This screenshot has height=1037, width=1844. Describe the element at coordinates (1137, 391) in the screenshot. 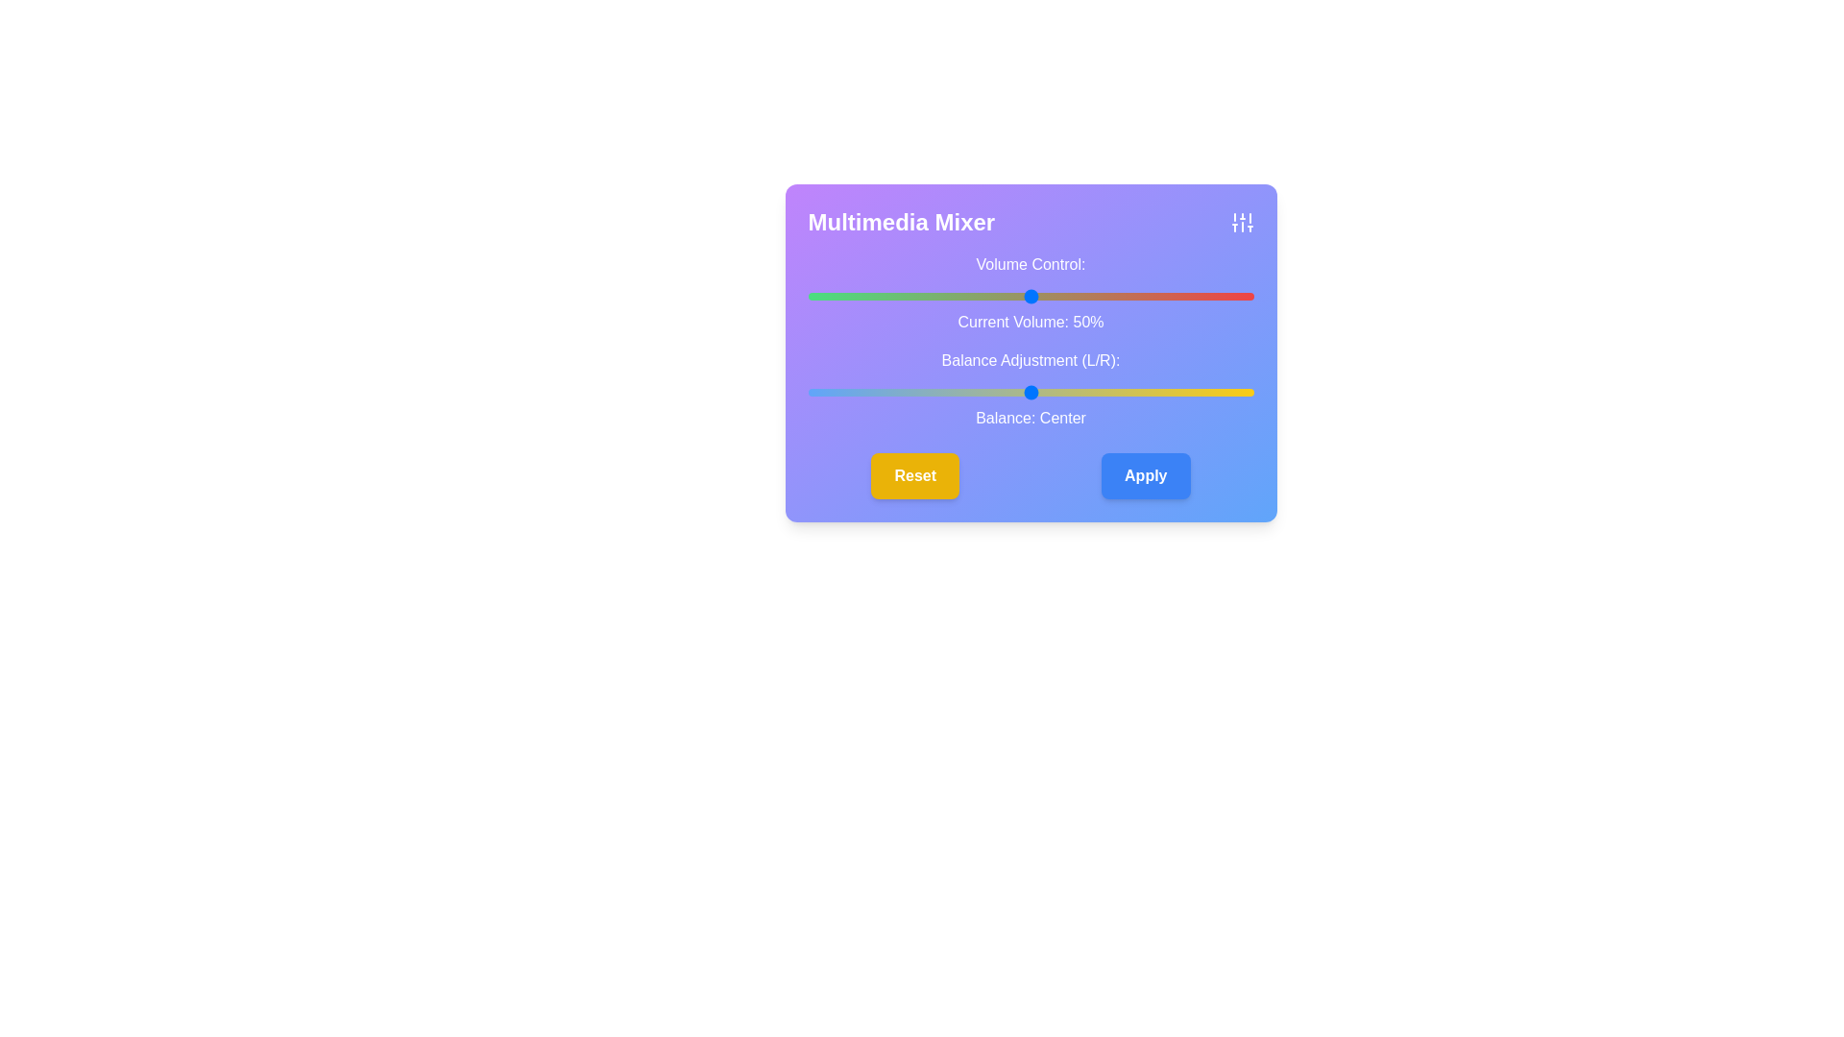

I see `the balance slider to set the audio balance to 24` at that location.